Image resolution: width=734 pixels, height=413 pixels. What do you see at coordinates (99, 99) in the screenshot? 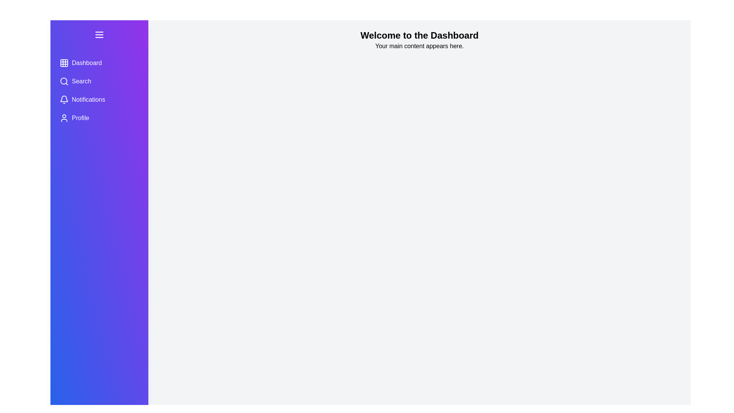
I see `the 'Notifications' list item to navigate to the Notifications section` at bounding box center [99, 99].